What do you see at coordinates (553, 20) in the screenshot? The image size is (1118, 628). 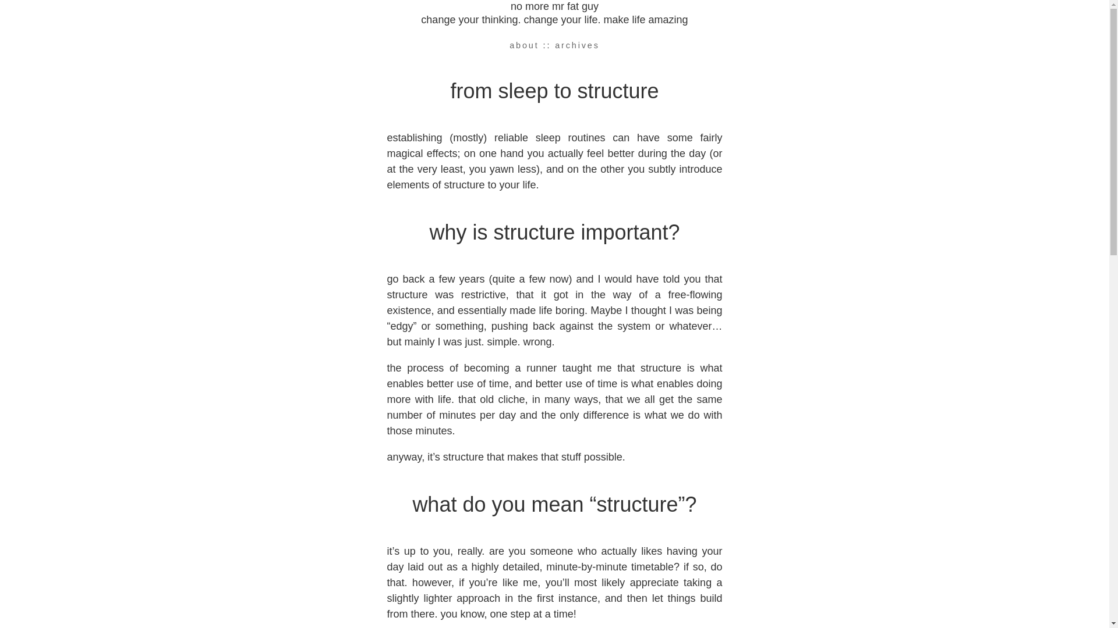 I see `'change your thinking. change your life. make life amazing'` at bounding box center [553, 20].